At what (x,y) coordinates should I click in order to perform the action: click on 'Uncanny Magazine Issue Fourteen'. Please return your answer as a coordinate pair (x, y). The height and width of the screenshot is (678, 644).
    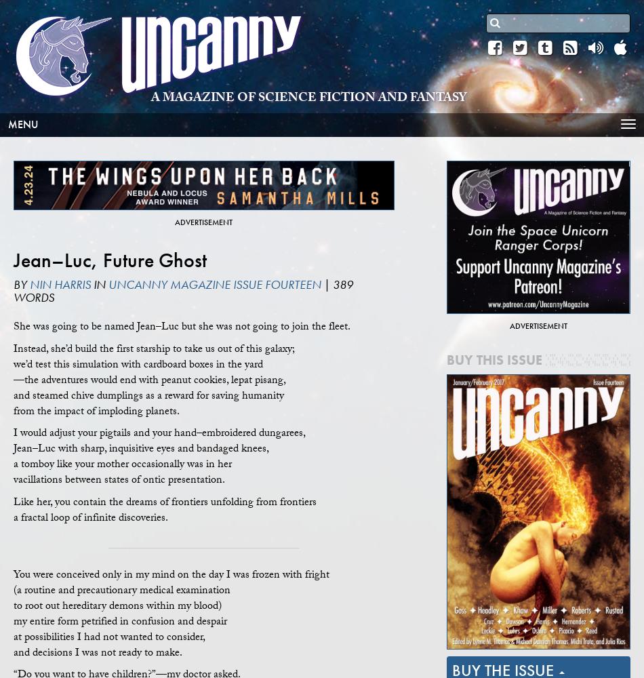
    Looking at the image, I should click on (213, 284).